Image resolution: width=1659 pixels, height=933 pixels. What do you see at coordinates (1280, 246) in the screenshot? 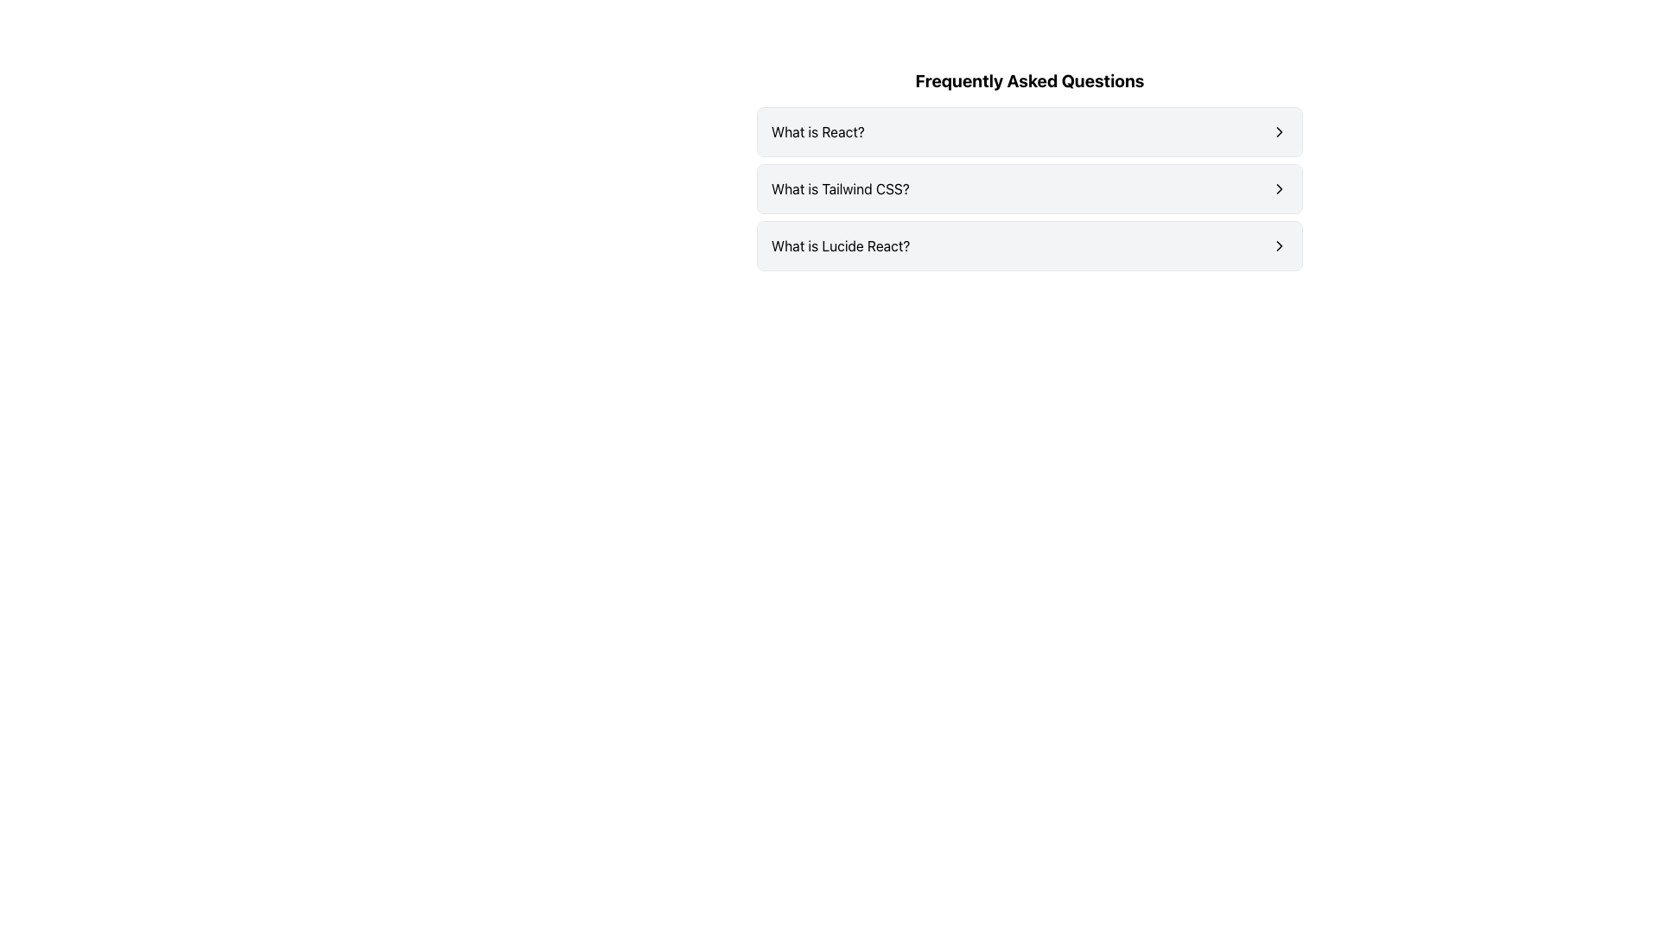
I see `the small, right-pointing chevron arrow icon at the far right end of the list item labeled 'What is Lucide React?' in the FAQ list` at bounding box center [1280, 246].